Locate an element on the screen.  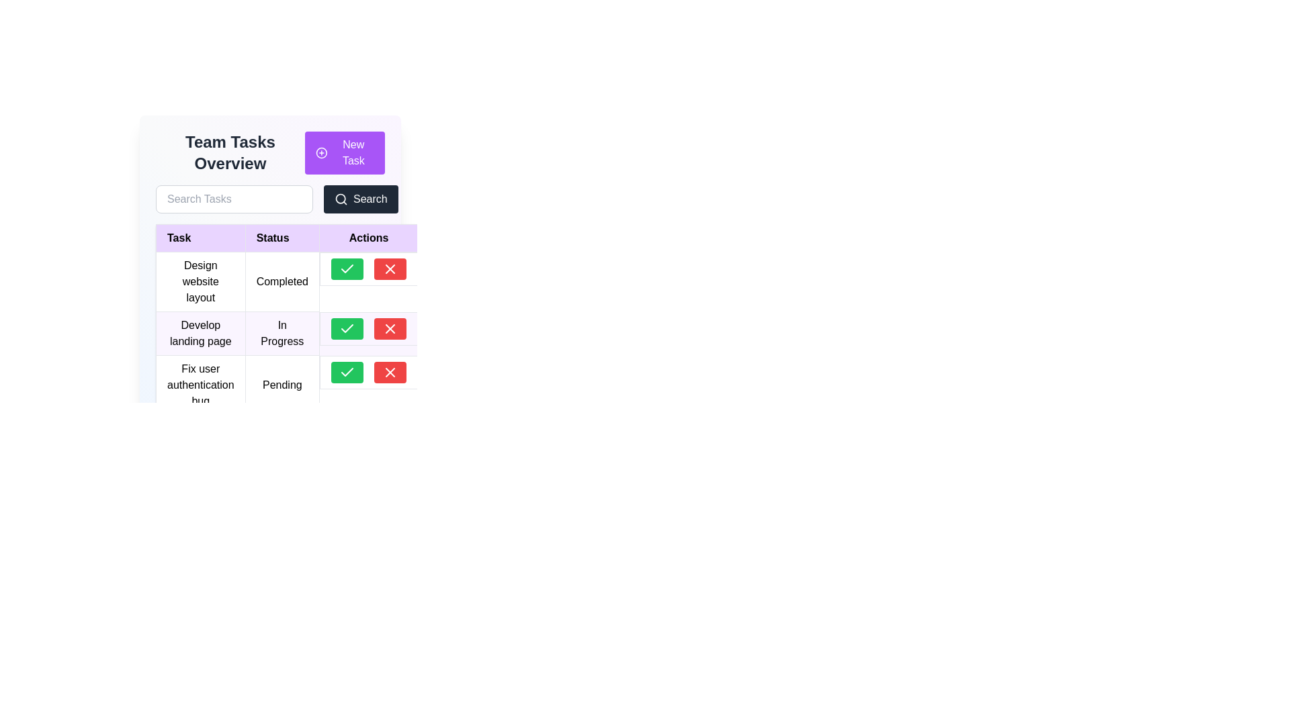
the magnifying glass icon within the 'Search' button is located at coordinates (341, 199).